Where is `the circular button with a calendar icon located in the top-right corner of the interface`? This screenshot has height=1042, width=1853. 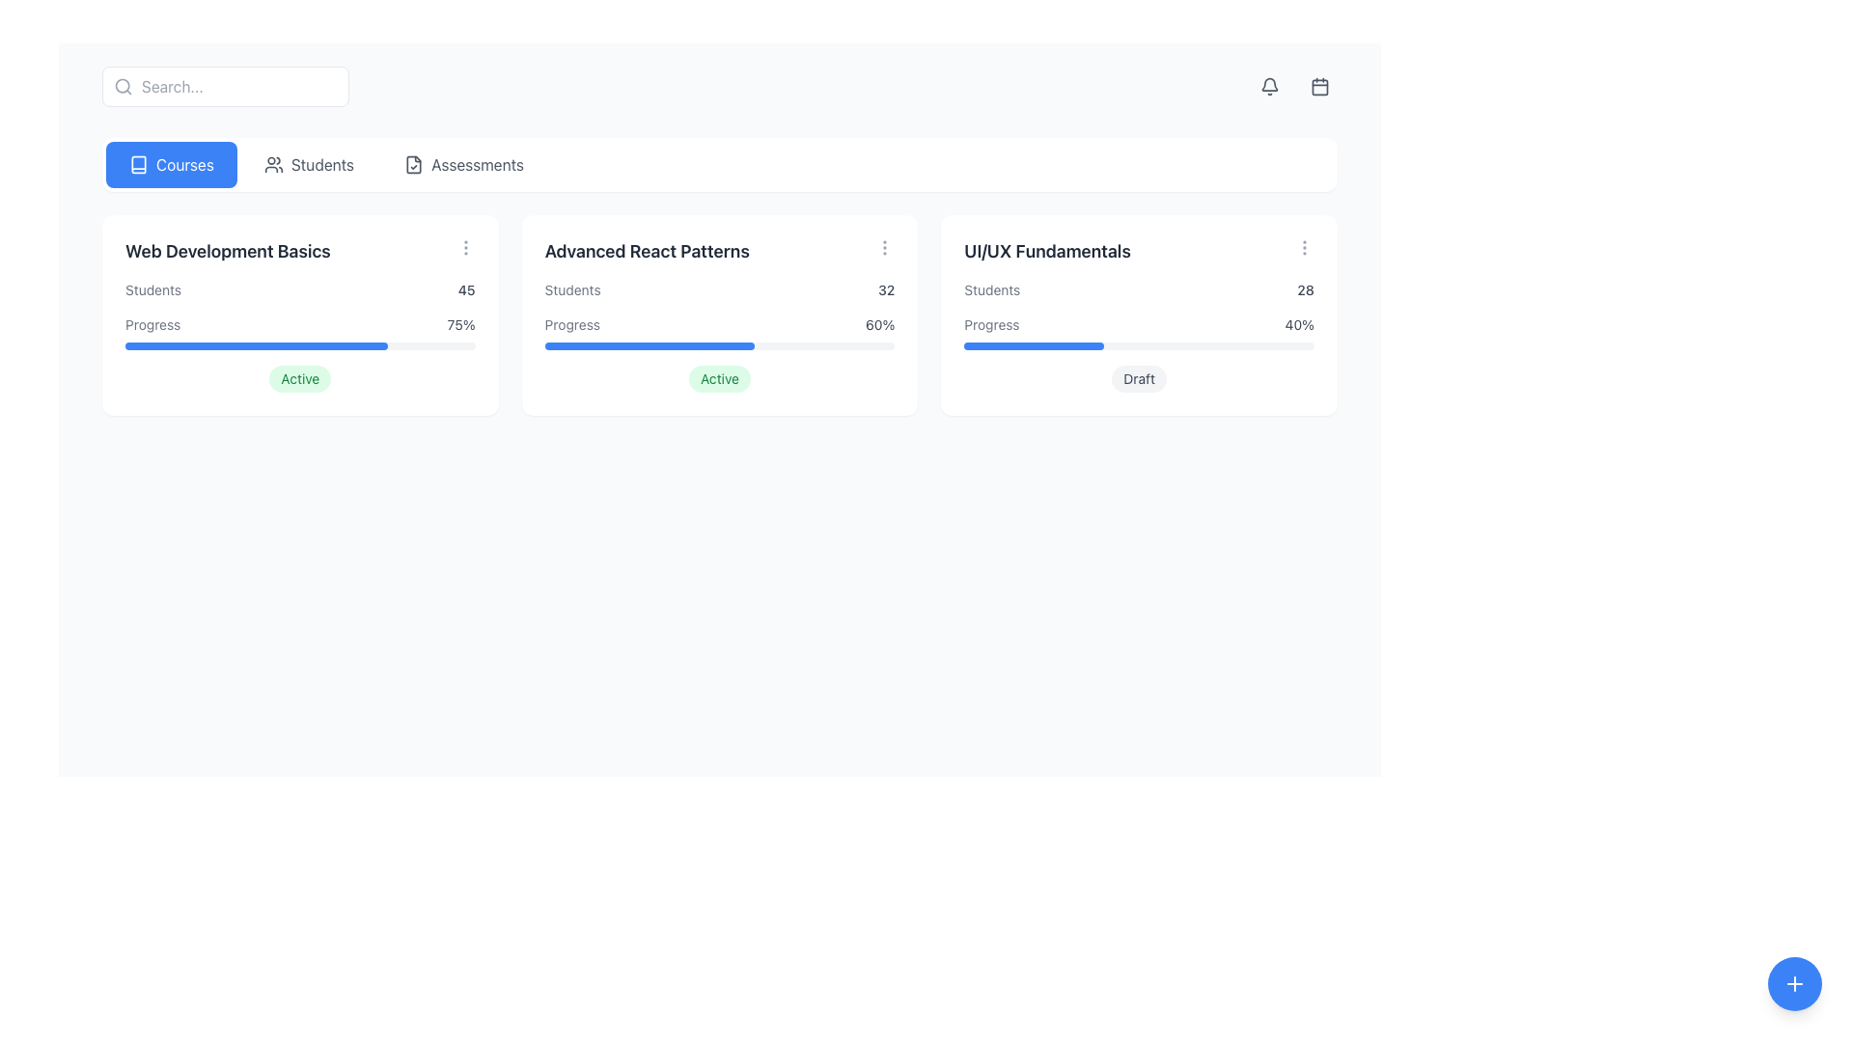 the circular button with a calendar icon located in the top-right corner of the interface is located at coordinates (1319, 85).